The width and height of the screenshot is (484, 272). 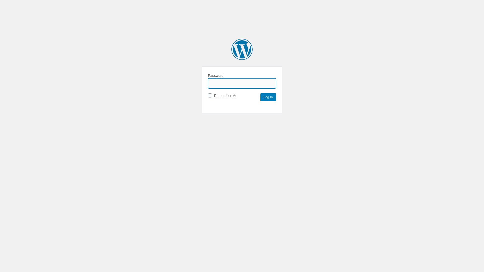 What do you see at coordinates (268, 97) in the screenshot?
I see `'Log In'` at bounding box center [268, 97].